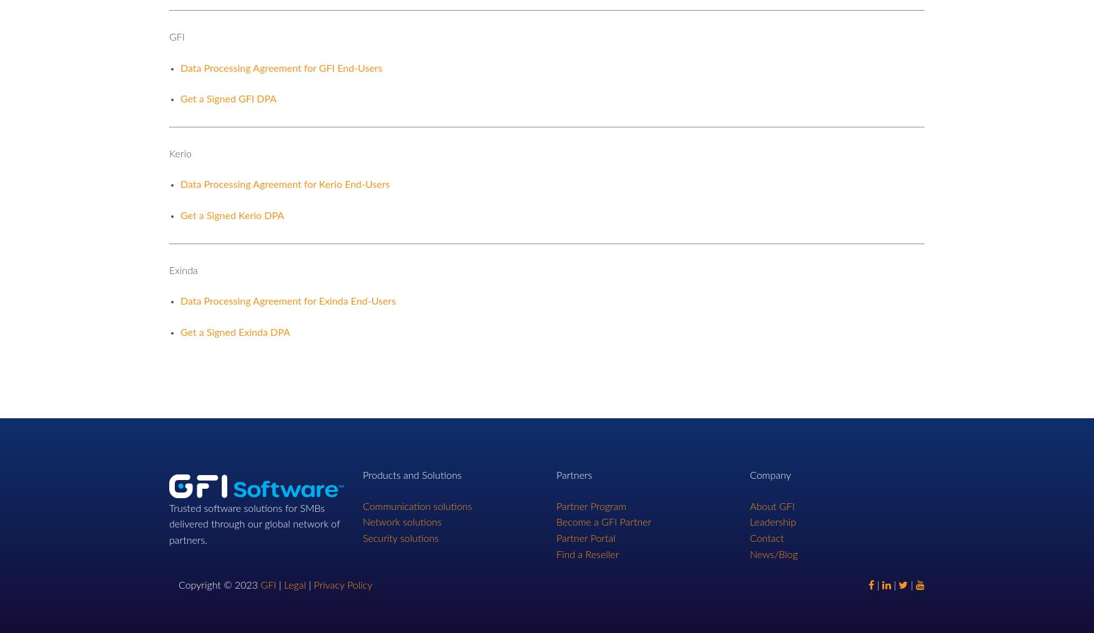  What do you see at coordinates (591, 506) in the screenshot?
I see `'Partner Program'` at bounding box center [591, 506].